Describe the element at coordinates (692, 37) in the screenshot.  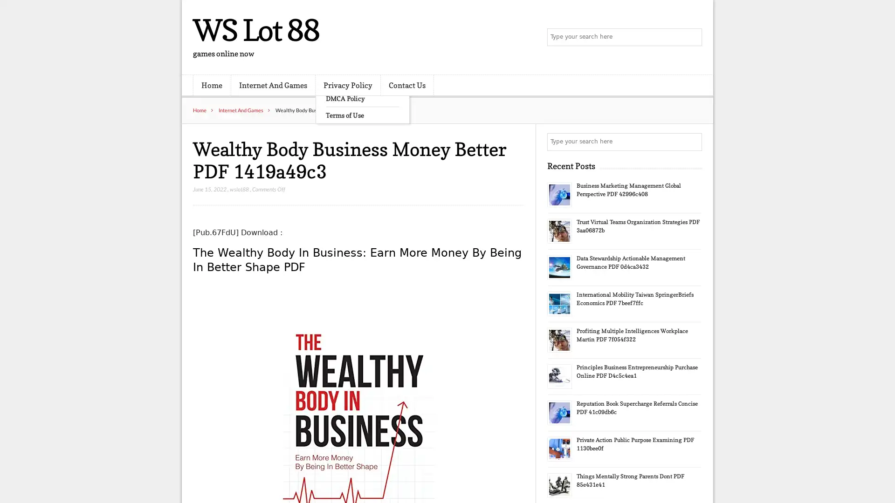
I see `Search` at that location.